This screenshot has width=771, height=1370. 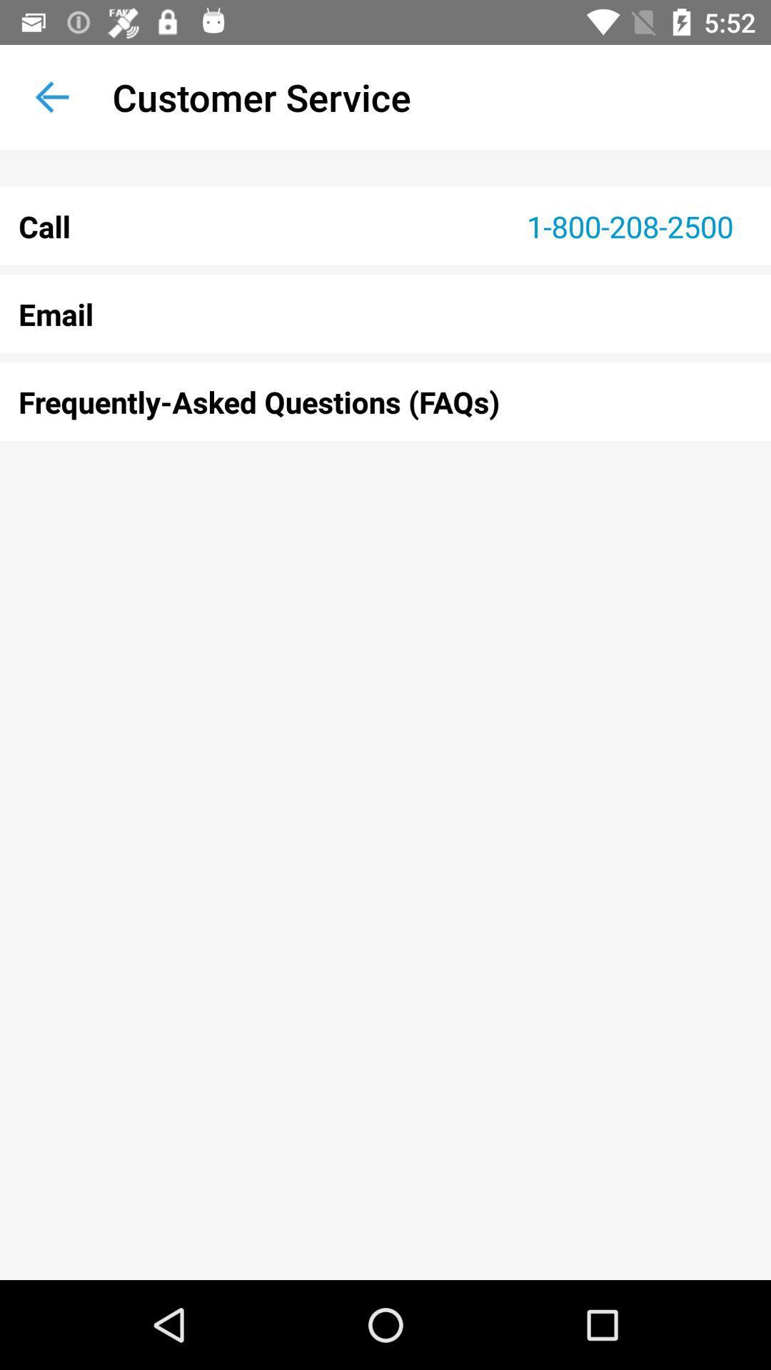 What do you see at coordinates (51, 96) in the screenshot?
I see `the icon to the left of the customer service` at bounding box center [51, 96].